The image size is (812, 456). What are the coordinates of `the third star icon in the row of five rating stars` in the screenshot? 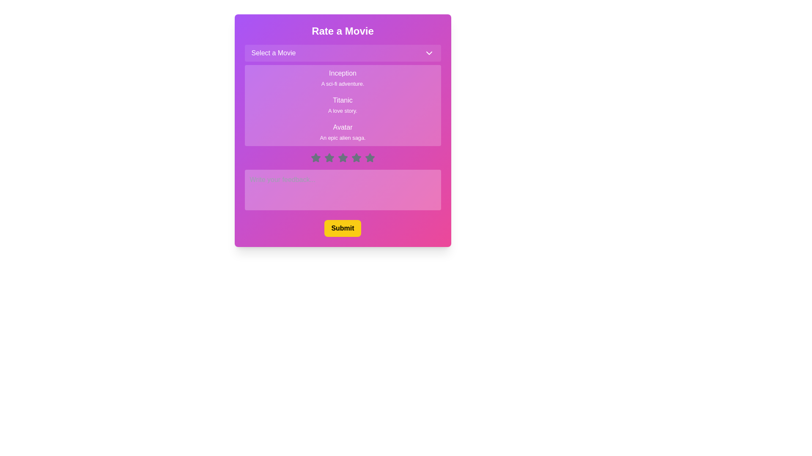 It's located at (343, 158).